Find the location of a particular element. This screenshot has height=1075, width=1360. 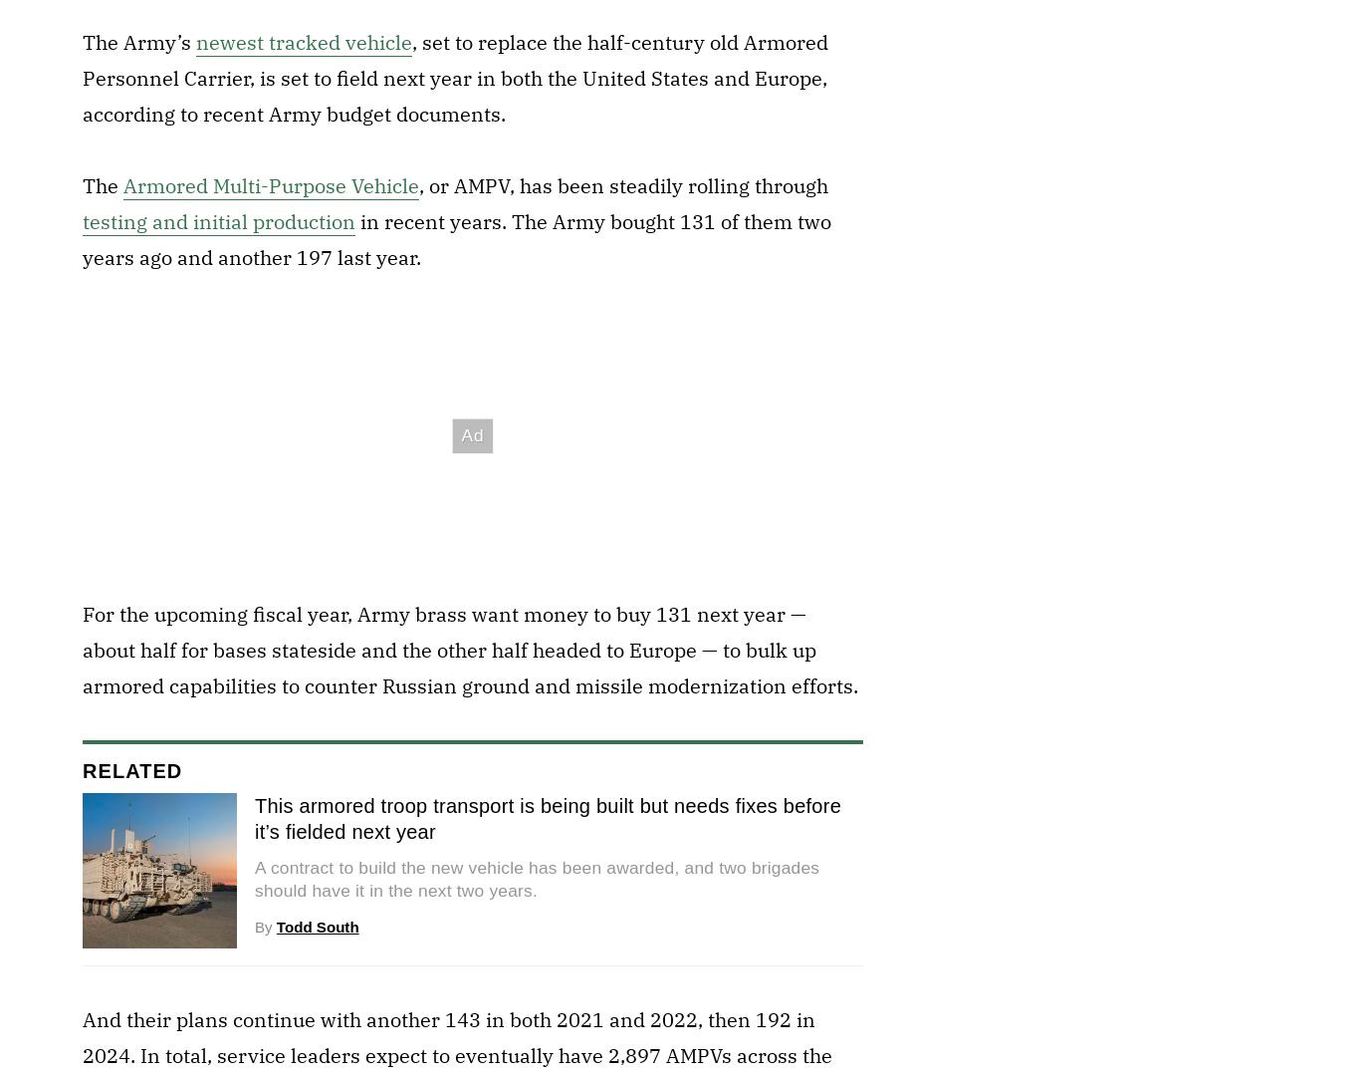

'Todd South' is located at coordinates (317, 927).